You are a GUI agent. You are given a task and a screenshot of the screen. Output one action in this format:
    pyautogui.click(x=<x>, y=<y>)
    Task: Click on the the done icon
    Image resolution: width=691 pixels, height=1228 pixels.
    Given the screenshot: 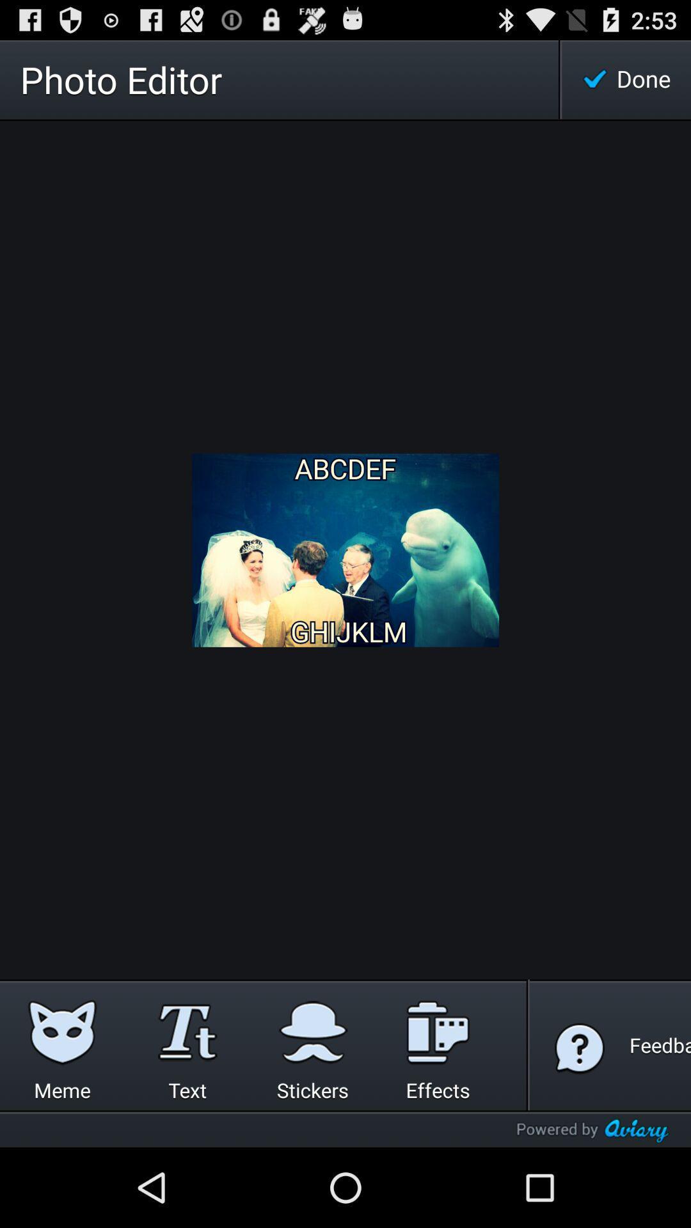 What is the action you would take?
    pyautogui.click(x=626, y=79)
    